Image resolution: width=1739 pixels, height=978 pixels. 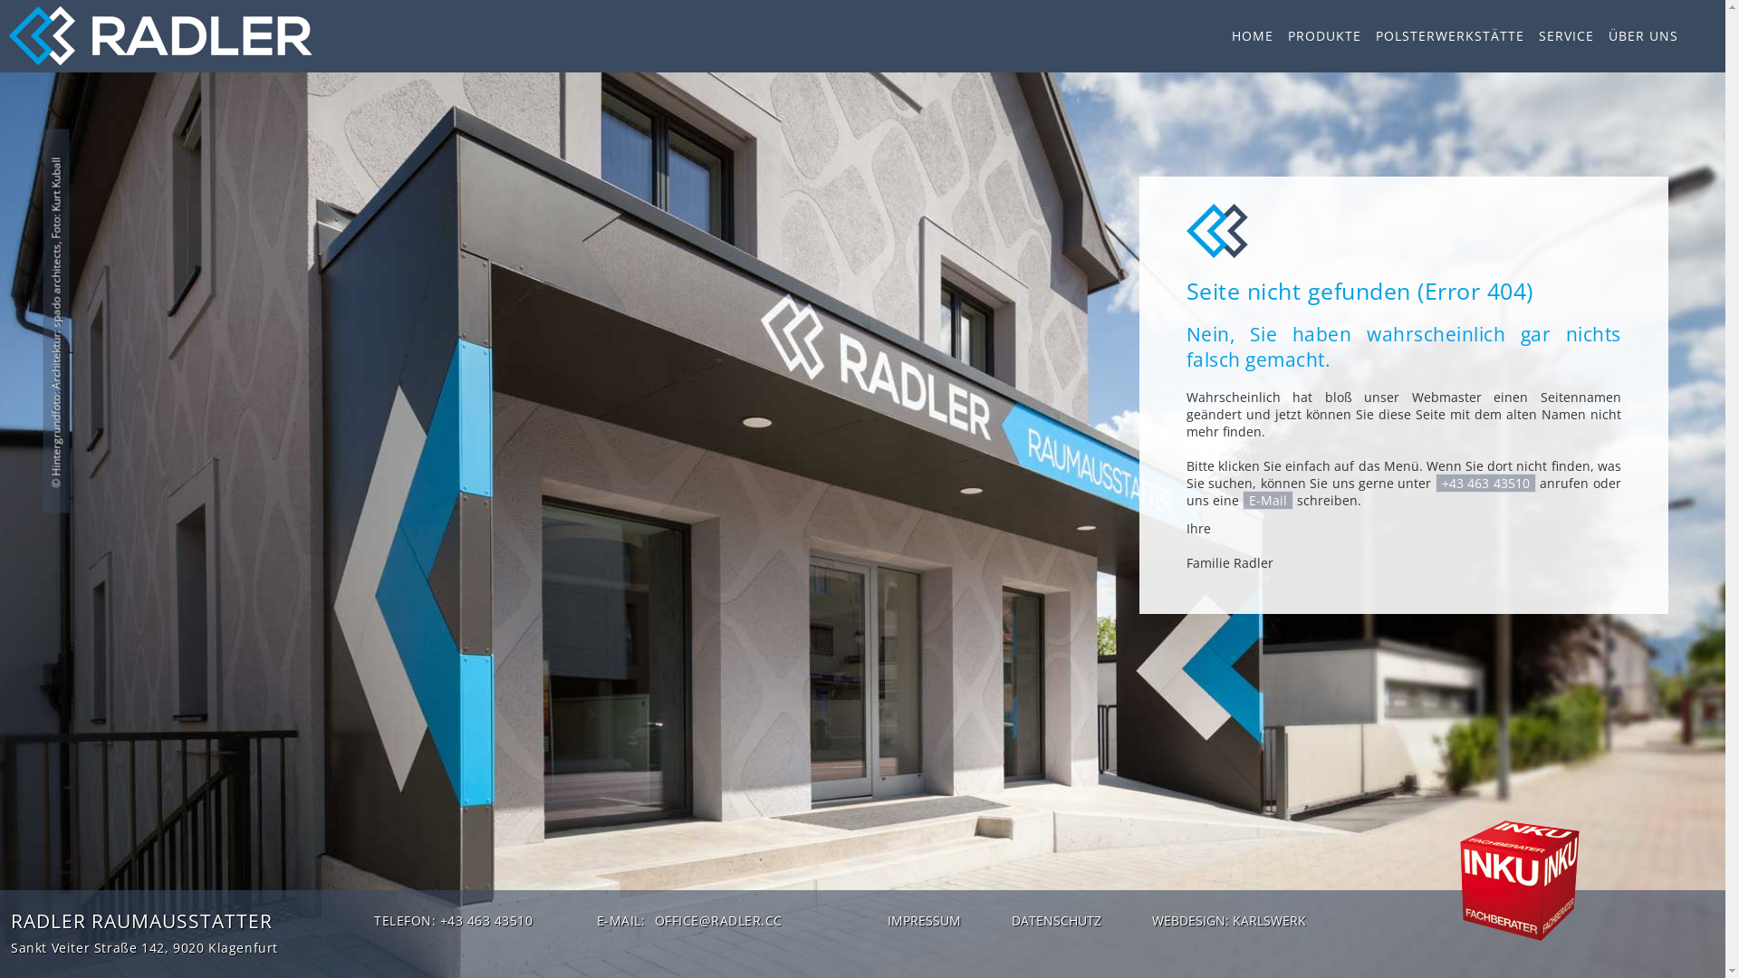 I want to click on 'IMPRESSUM', so click(x=882, y=921).